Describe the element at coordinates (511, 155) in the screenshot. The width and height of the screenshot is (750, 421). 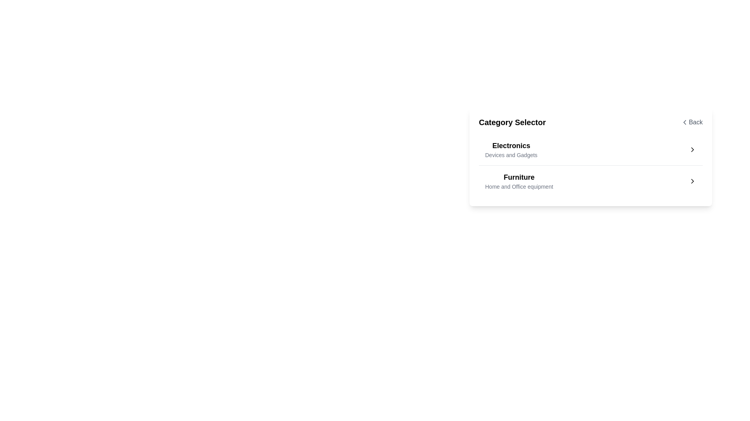
I see `the text label reading 'Devices and Gadgets', which is styled in light gray and positioned beneath the 'Electronics' heading in the 'Category Selector' panel` at that location.